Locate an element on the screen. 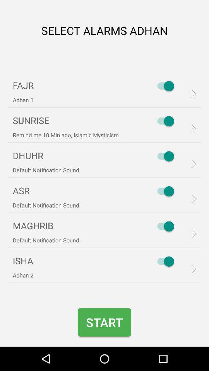 This screenshot has height=371, width=209. asr is located at coordinates (163, 191).